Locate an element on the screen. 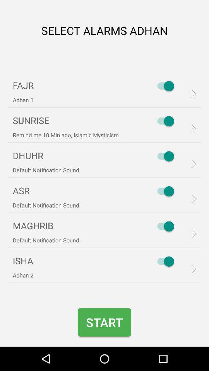 This screenshot has height=371, width=209. asr is located at coordinates (163, 191).